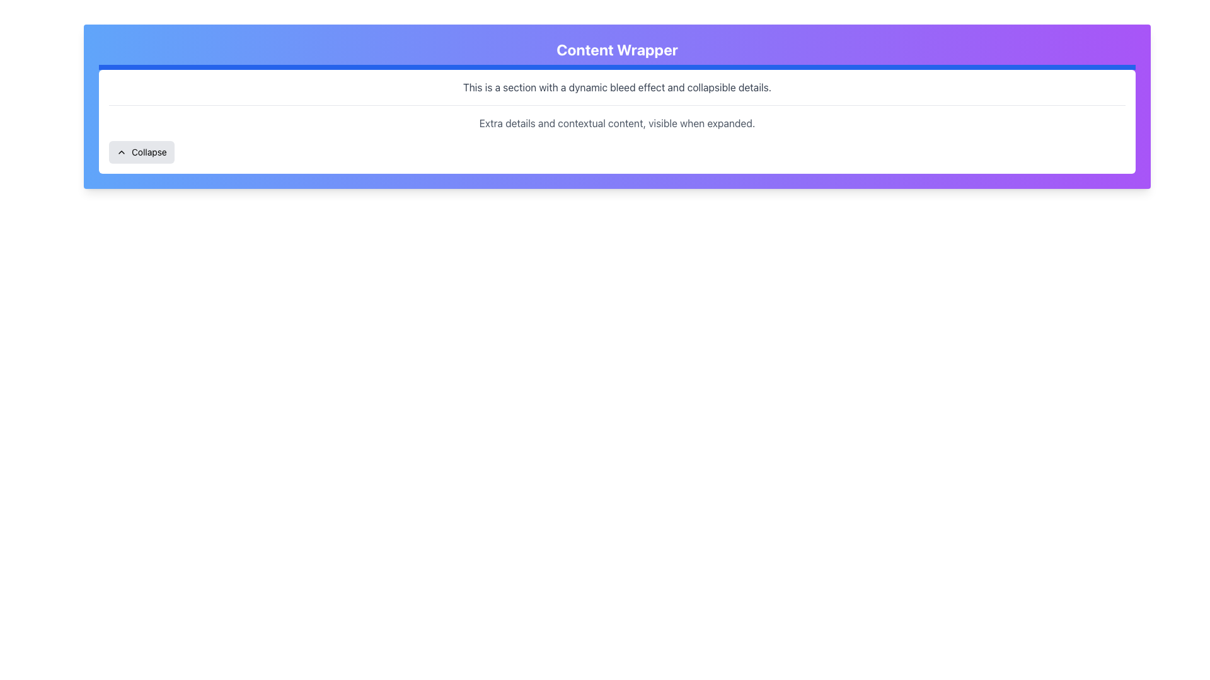  I want to click on the Text block displaying 'Extra details and contextual content, visible when expanded.' which is styled with a gray font color and positioned centrally below the introductory text and above the 'Collapse' button, so click(617, 118).